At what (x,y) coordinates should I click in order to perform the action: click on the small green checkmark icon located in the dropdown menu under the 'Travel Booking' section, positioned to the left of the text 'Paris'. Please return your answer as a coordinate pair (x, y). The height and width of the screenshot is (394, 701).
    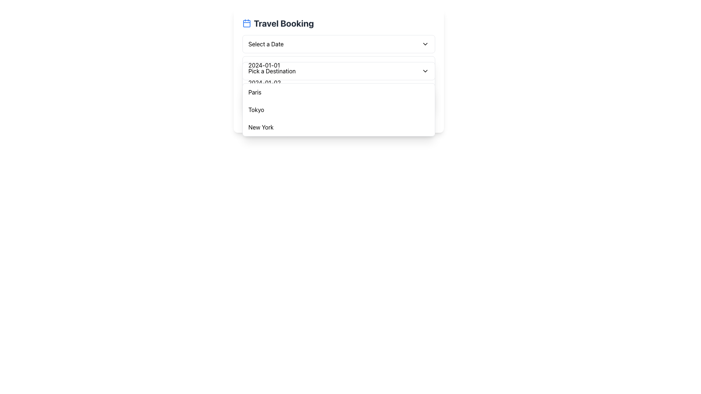
    Looking at the image, I should click on (248, 92).